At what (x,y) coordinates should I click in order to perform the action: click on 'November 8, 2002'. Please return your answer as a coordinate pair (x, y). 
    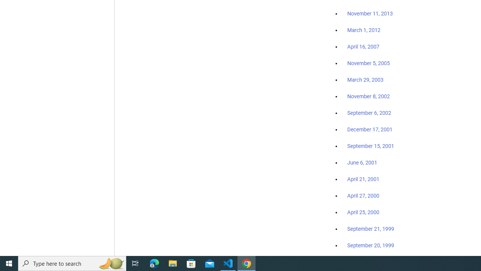
    Looking at the image, I should click on (369, 96).